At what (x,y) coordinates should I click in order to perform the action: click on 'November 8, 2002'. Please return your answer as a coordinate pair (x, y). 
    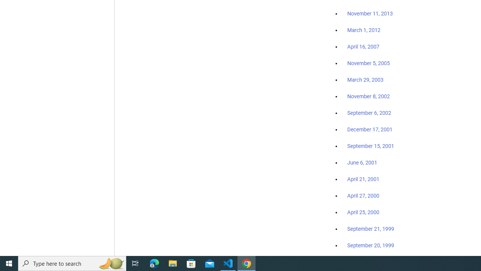
    Looking at the image, I should click on (369, 96).